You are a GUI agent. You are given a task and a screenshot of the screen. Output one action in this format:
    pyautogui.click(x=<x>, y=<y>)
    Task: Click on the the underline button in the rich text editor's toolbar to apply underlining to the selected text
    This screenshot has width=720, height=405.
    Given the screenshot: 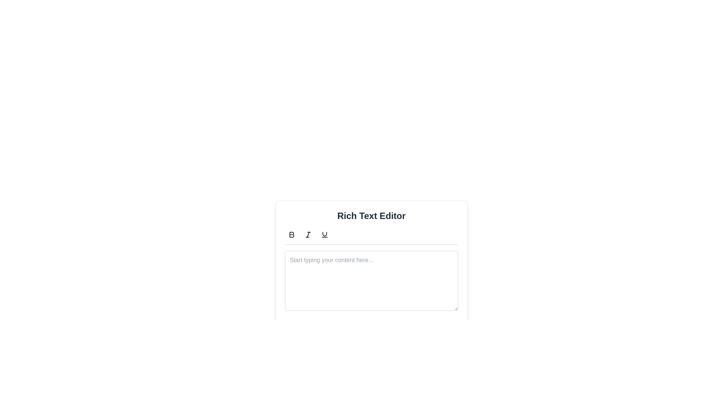 What is the action you would take?
    pyautogui.click(x=324, y=234)
    